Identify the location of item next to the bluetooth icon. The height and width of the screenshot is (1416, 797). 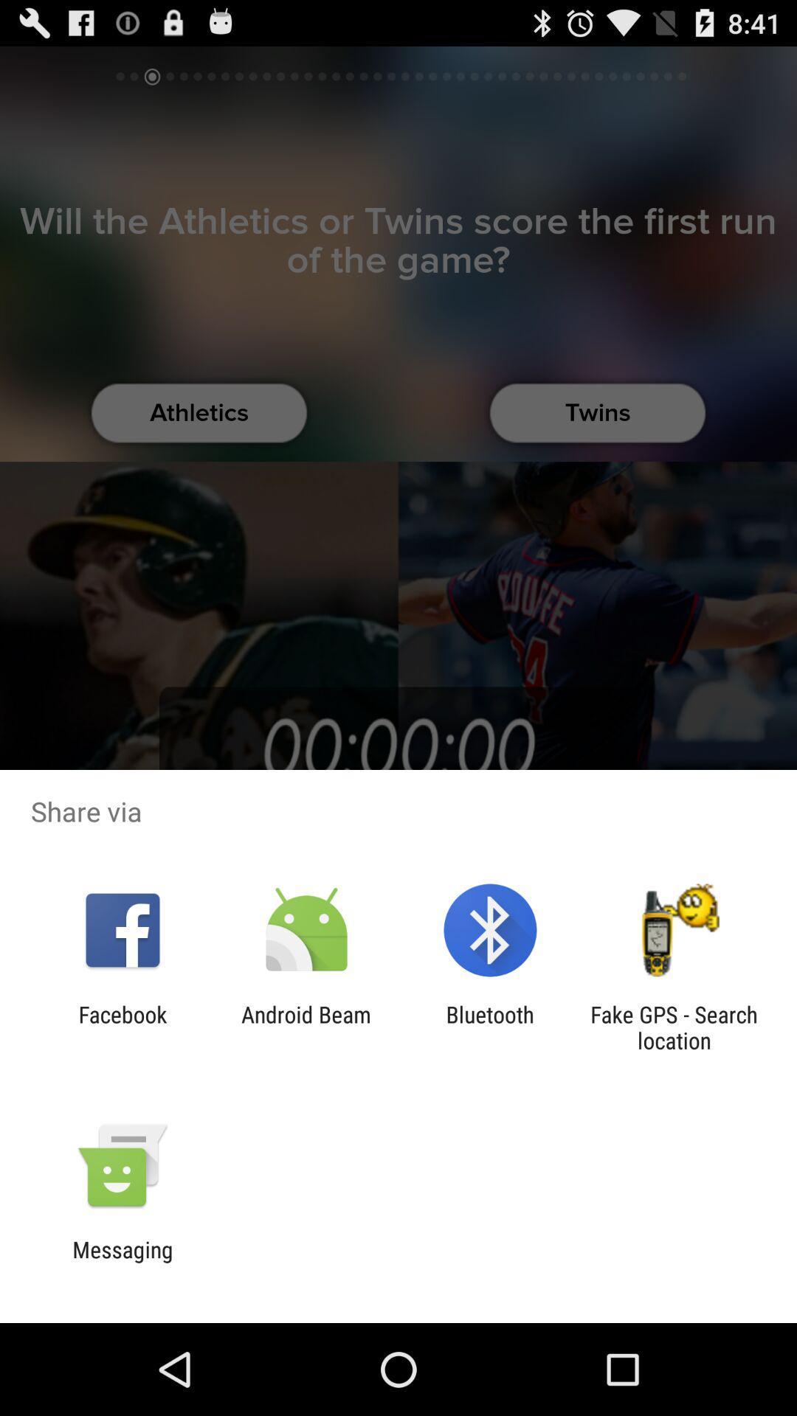
(306, 1027).